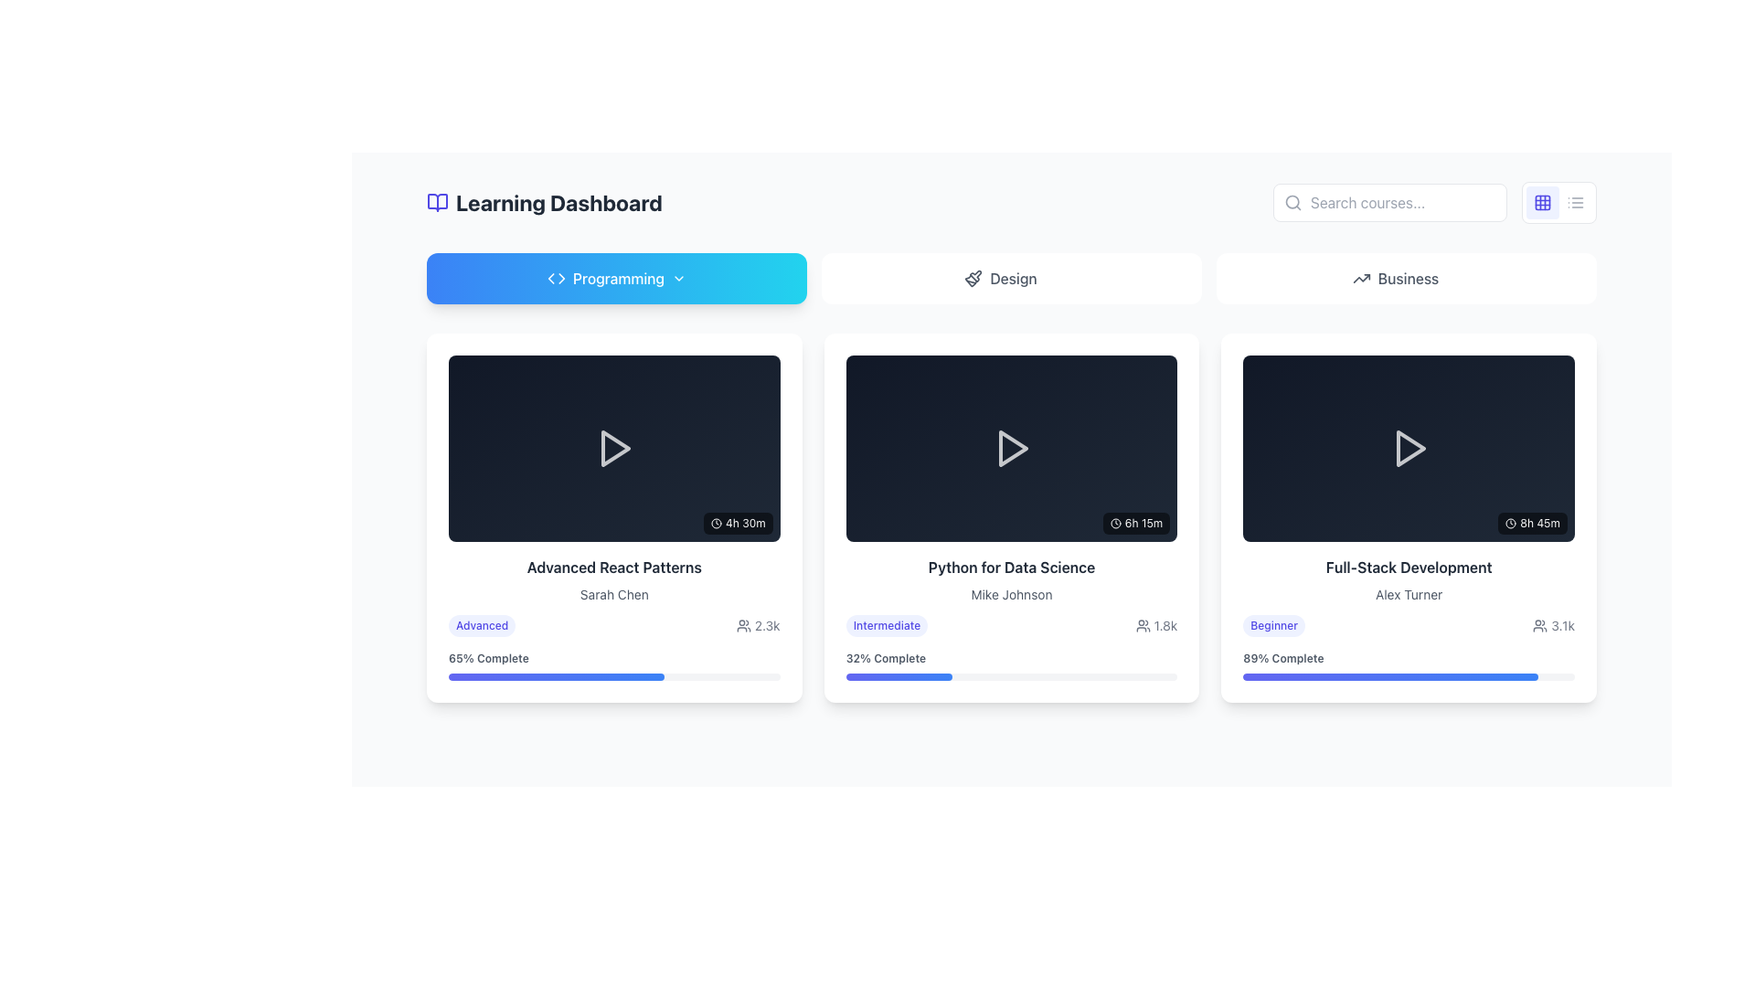 The image size is (1755, 987). What do you see at coordinates (614, 663) in the screenshot?
I see `the progress bar component indicating '65% Complete', which is located at the bottom-center of the card labeled 'Advanced React Patterns'` at bounding box center [614, 663].